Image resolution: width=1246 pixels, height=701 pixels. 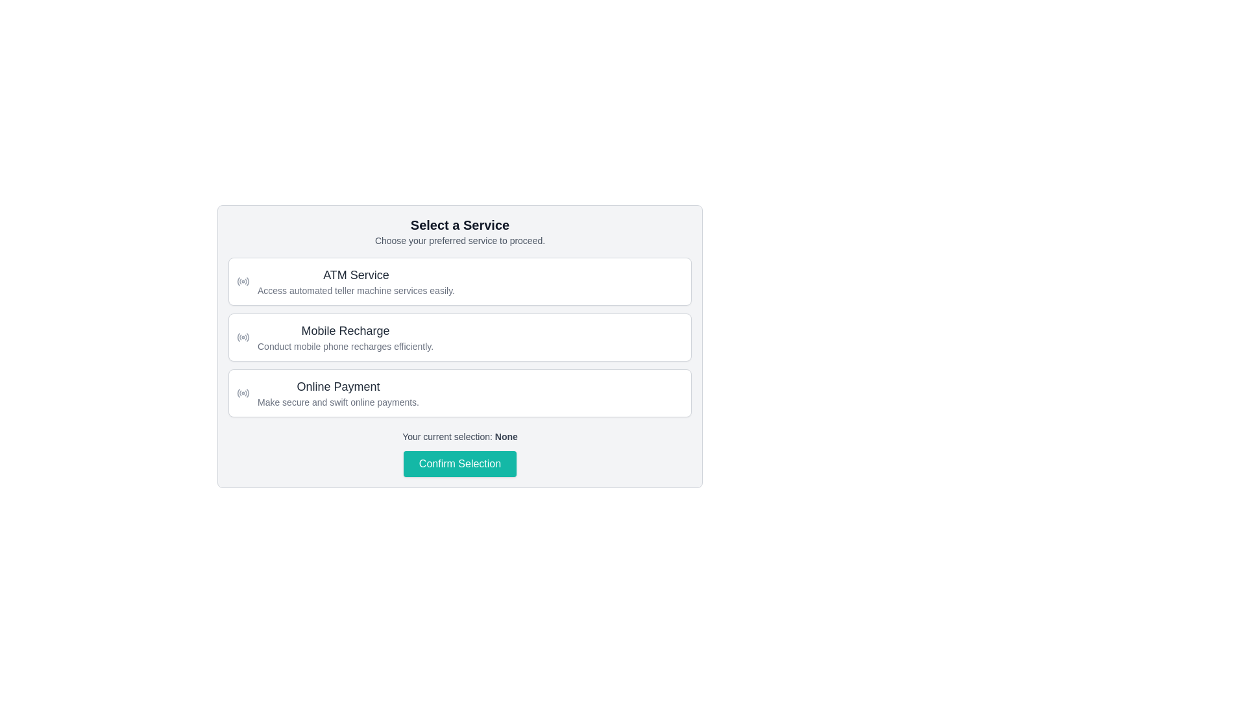 I want to click on the text label displaying 'None' located below the list of selectable services and above the 'Confirm Selection' button, so click(x=506, y=436).